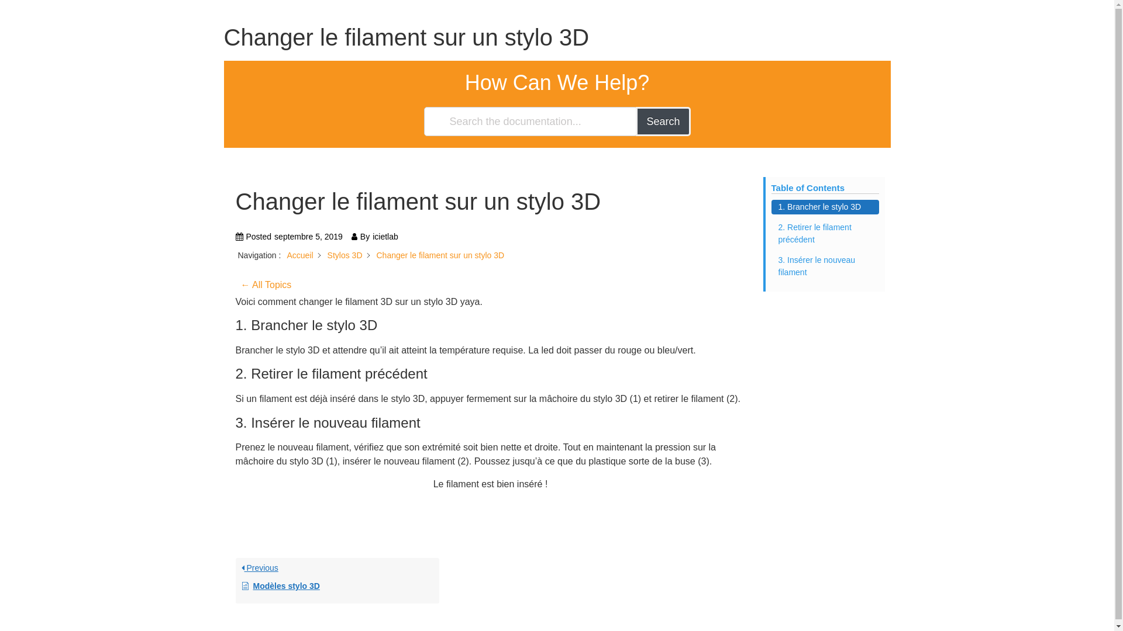 The image size is (1123, 631). I want to click on 'Search', so click(663, 122).